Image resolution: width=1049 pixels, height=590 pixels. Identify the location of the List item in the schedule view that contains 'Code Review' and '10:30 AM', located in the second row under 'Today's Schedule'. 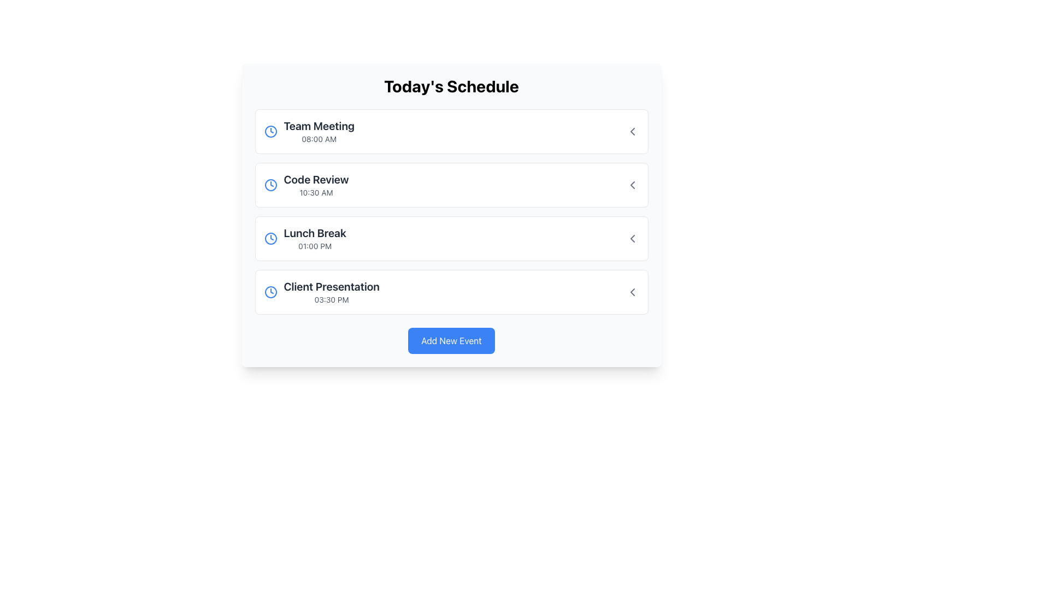
(306, 185).